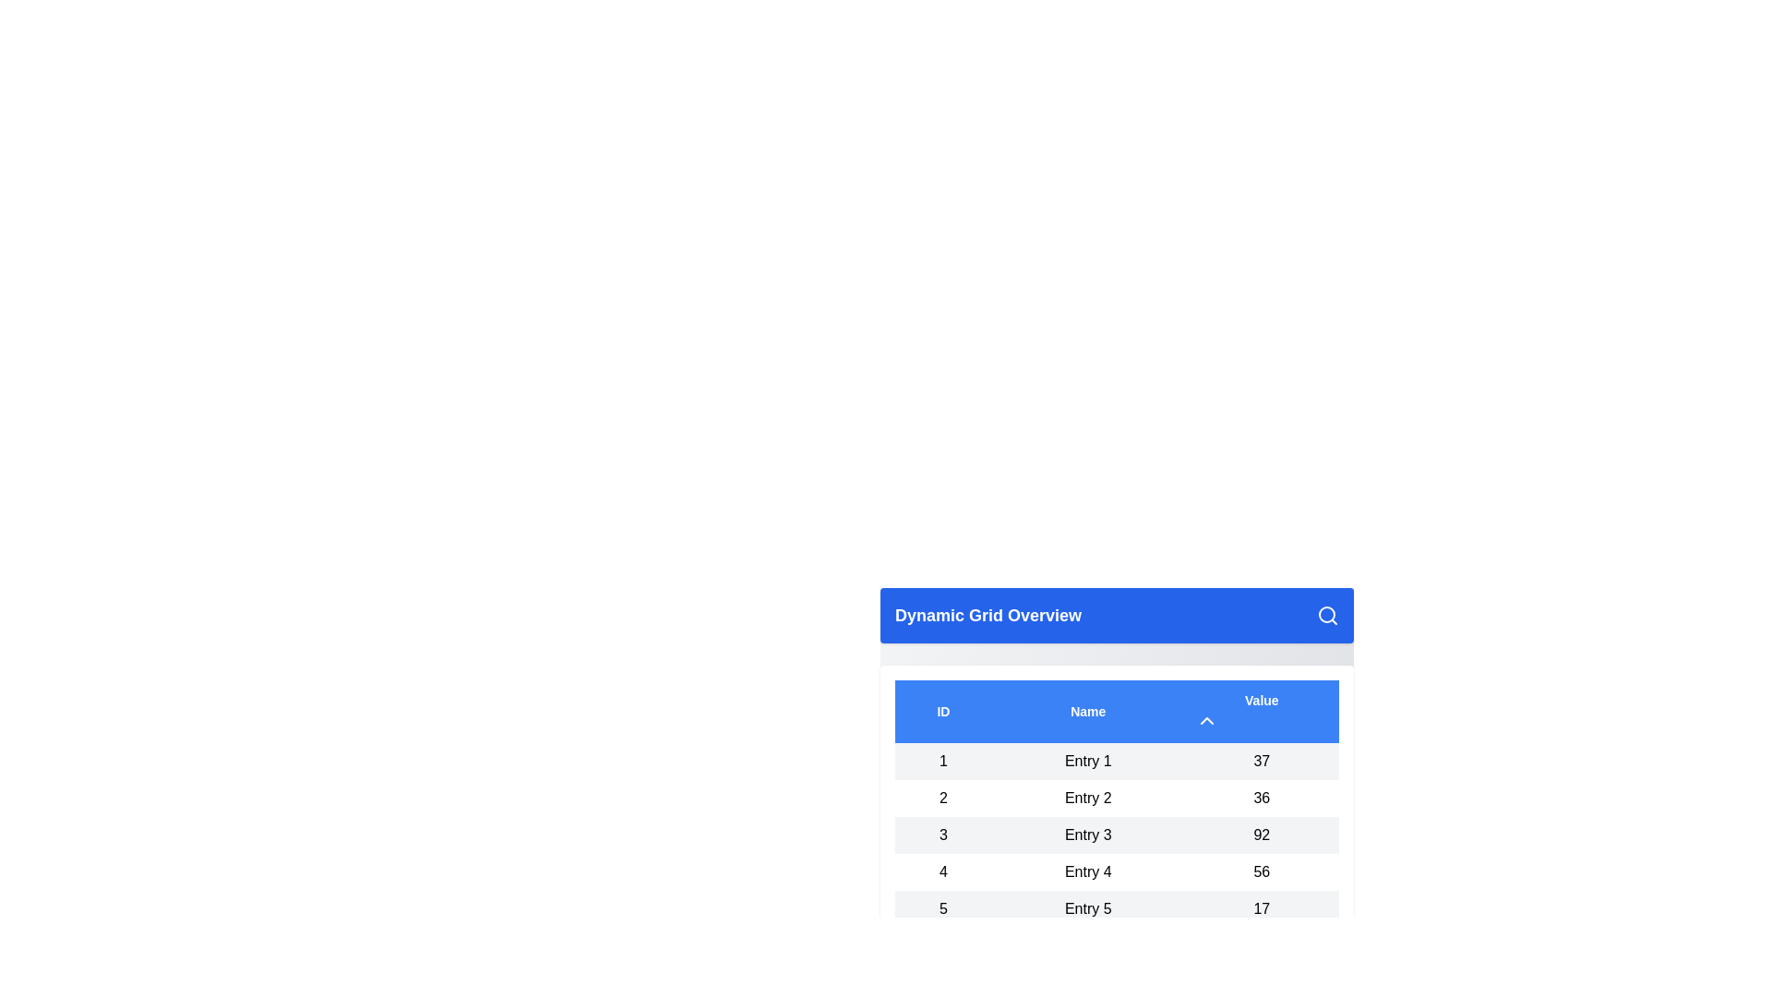 Image resolution: width=1772 pixels, height=997 pixels. Describe the element at coordinates (1116, 616) in the screenshot. I see `the header section of the component to visually inspect the title 'Dynamic Grid Overview'` at that location.